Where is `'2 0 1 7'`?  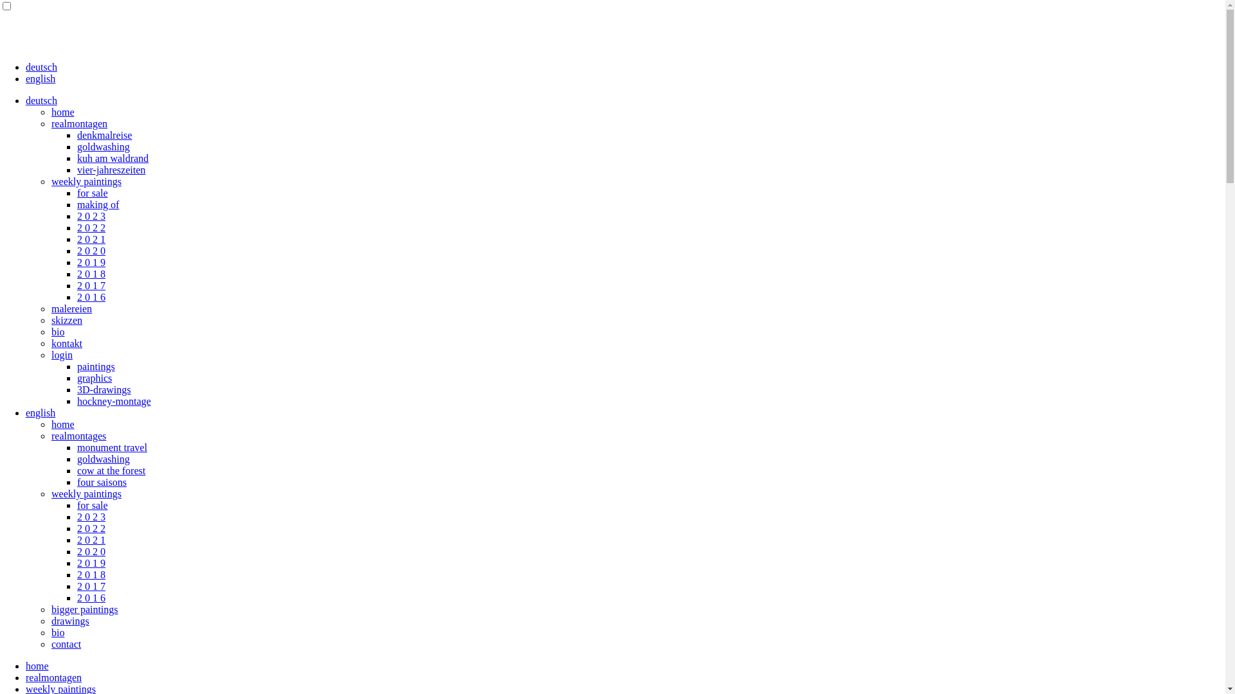
'2 0 1 7' is located at coordinates (91, 285).